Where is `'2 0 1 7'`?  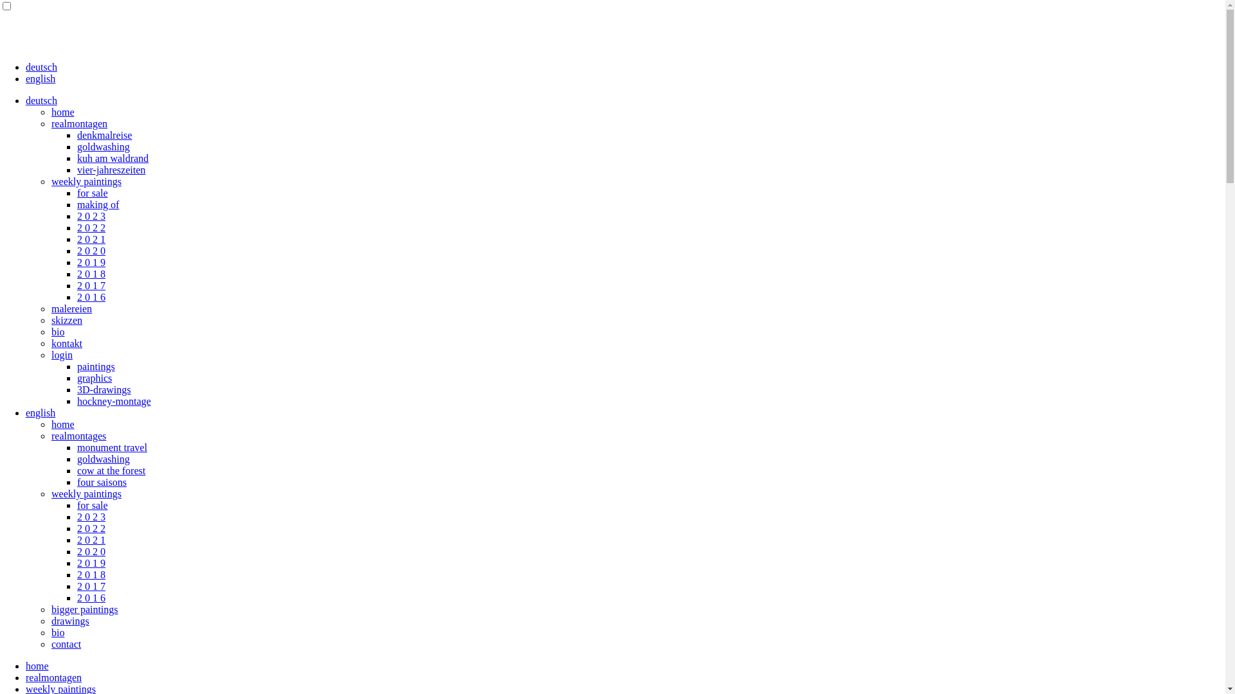
'2 0 1 7' is located at coordinates (91, 285).